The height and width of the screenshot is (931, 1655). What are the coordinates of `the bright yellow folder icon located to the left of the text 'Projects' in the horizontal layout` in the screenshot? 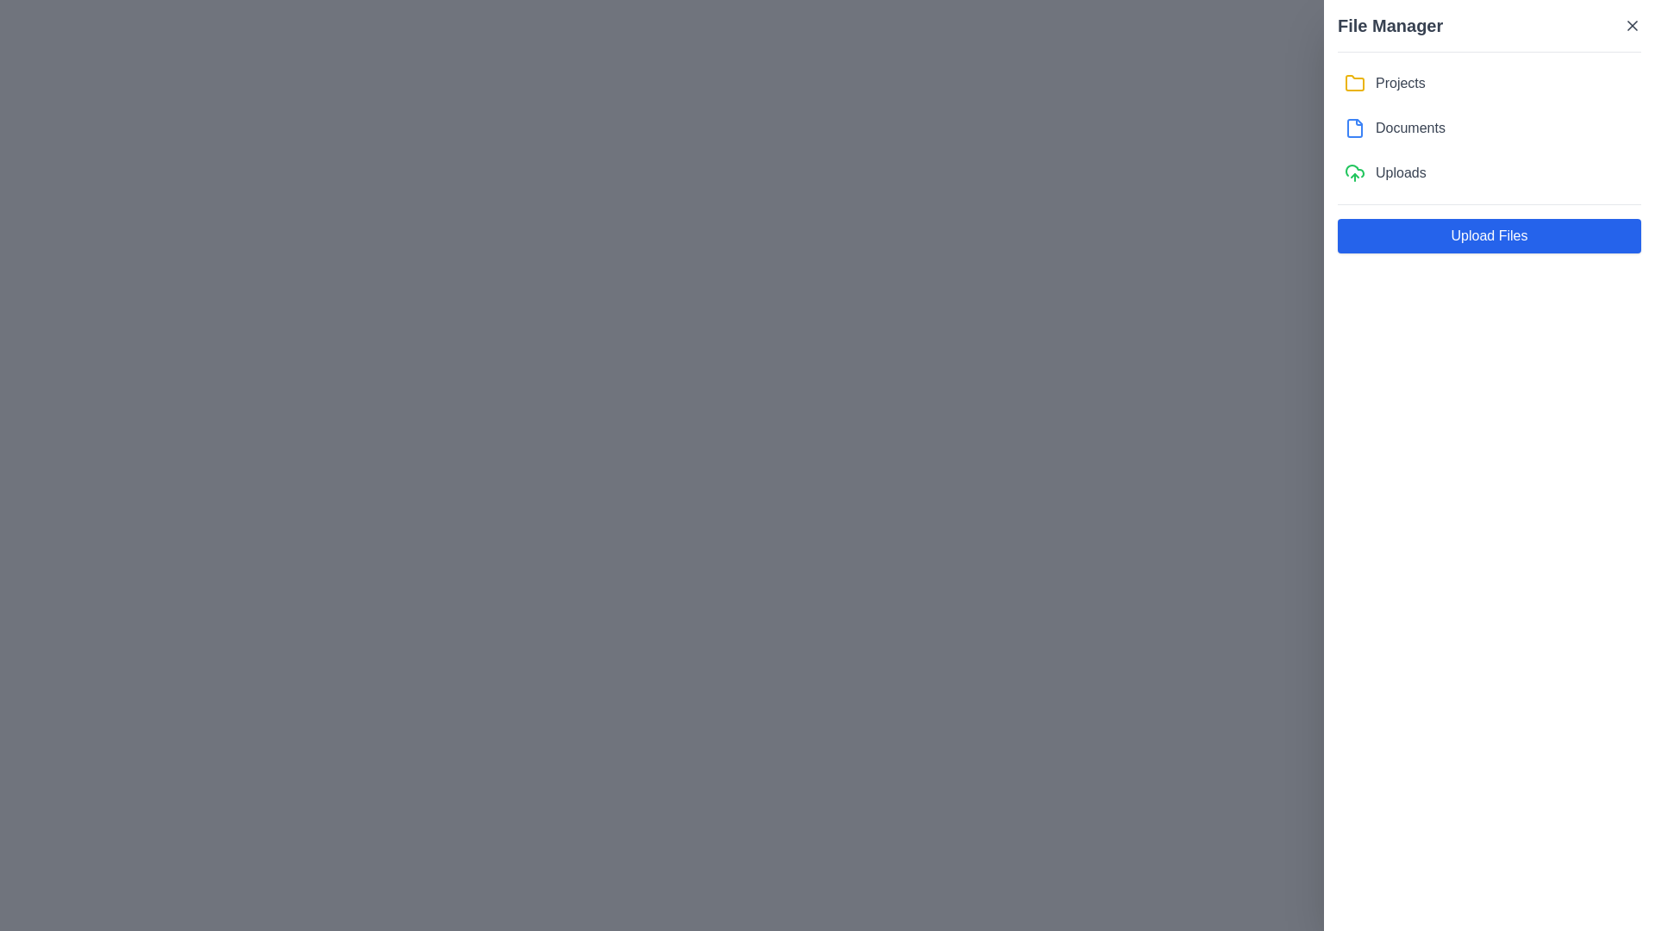 It's located at (1353, 83).